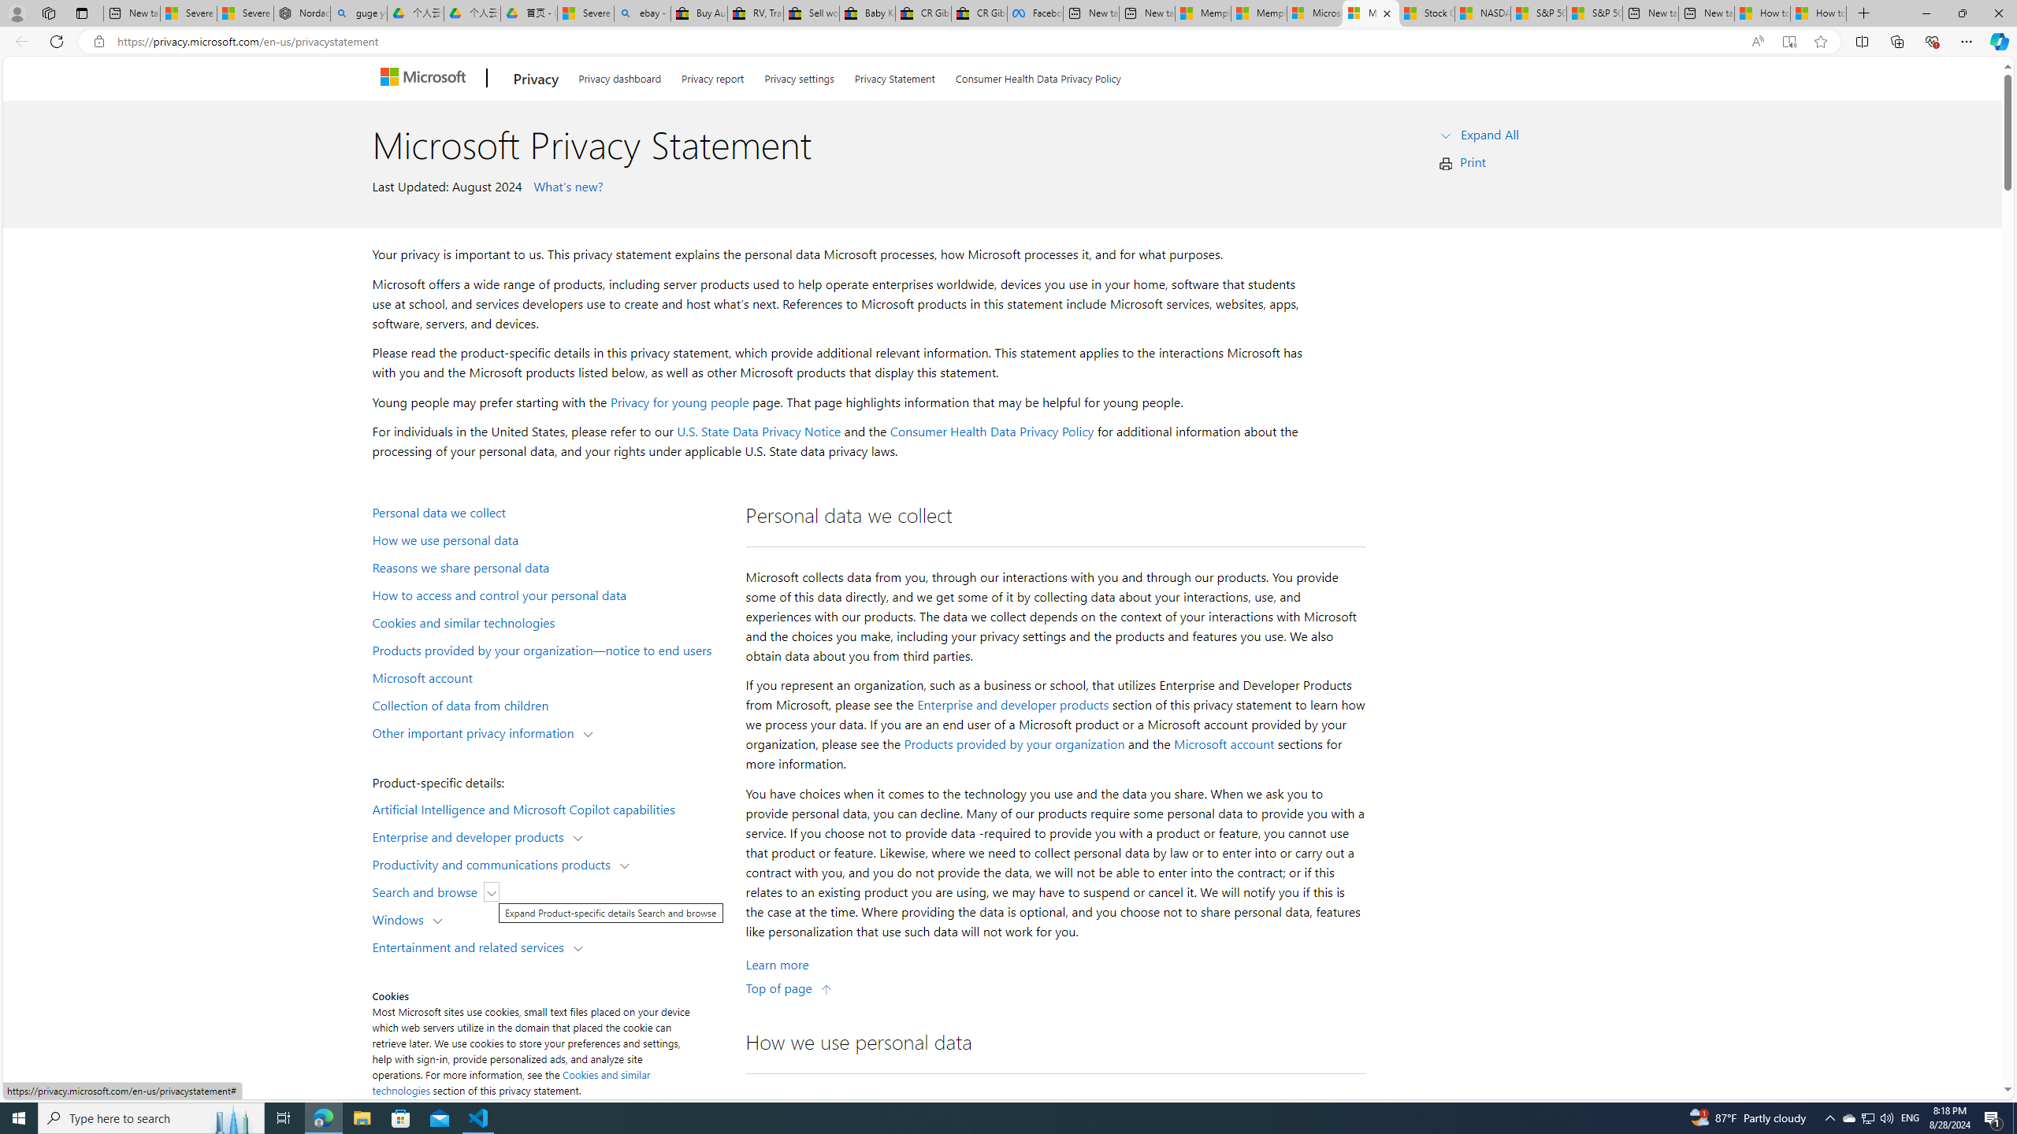  Describe the element at coordinates (548, 594) in the screenshot. I see `'How to access and control your personal data'` at that location.